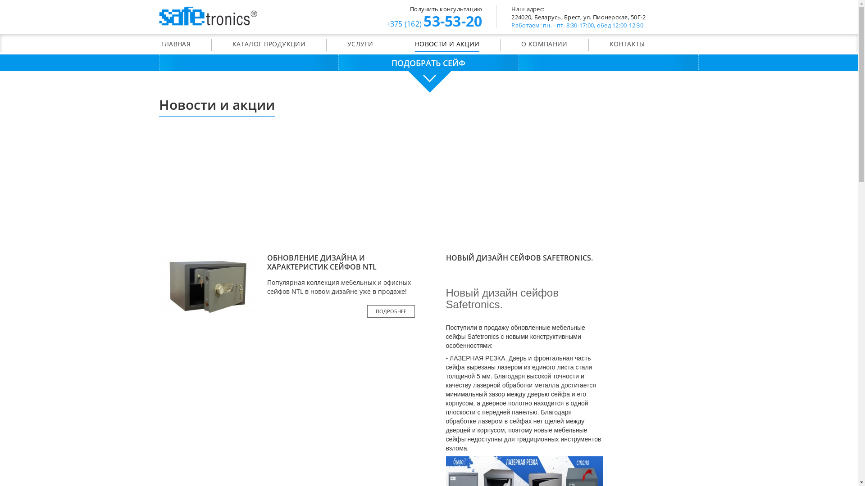  Describe the element at coordinates (385, 22) in the screenshot. I see `'+375 (162) 53-53-20'` at that location.